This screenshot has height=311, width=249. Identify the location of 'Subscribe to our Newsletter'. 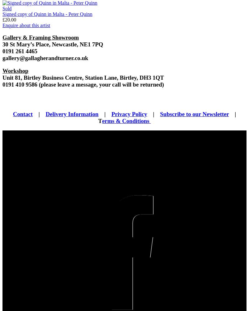
(194, 114).